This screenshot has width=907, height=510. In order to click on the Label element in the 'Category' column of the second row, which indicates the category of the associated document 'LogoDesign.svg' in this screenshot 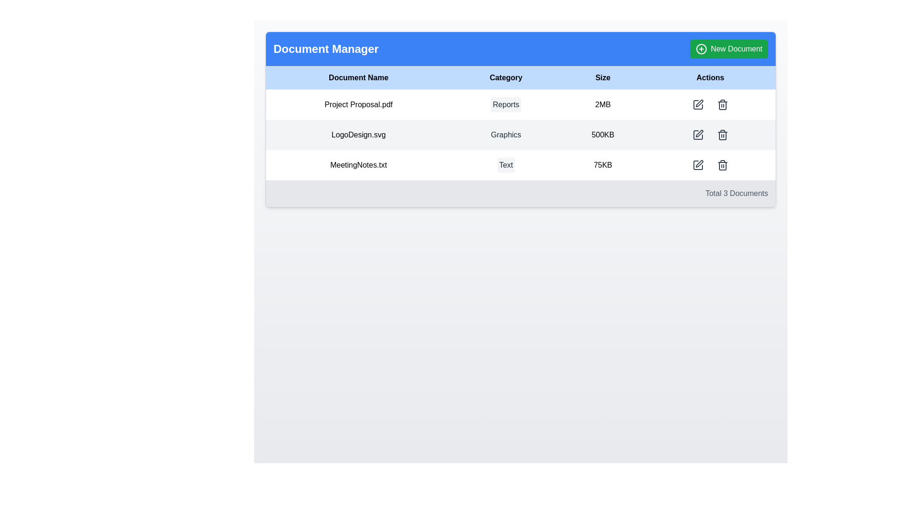, I will do `click(505, 135)`.